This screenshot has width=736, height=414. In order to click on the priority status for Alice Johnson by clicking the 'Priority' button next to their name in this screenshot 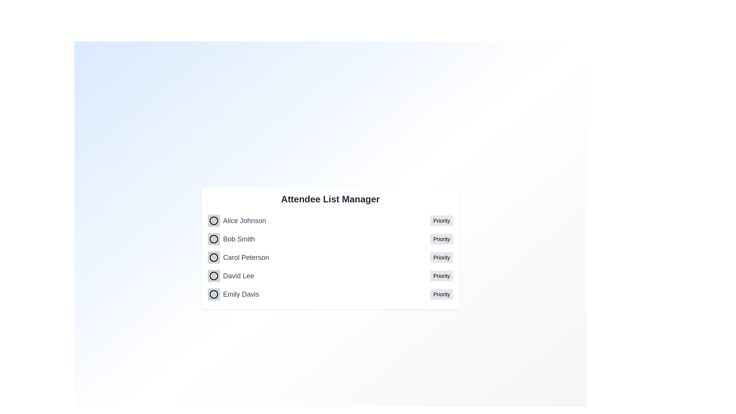, I will do `click(442, 220)`.